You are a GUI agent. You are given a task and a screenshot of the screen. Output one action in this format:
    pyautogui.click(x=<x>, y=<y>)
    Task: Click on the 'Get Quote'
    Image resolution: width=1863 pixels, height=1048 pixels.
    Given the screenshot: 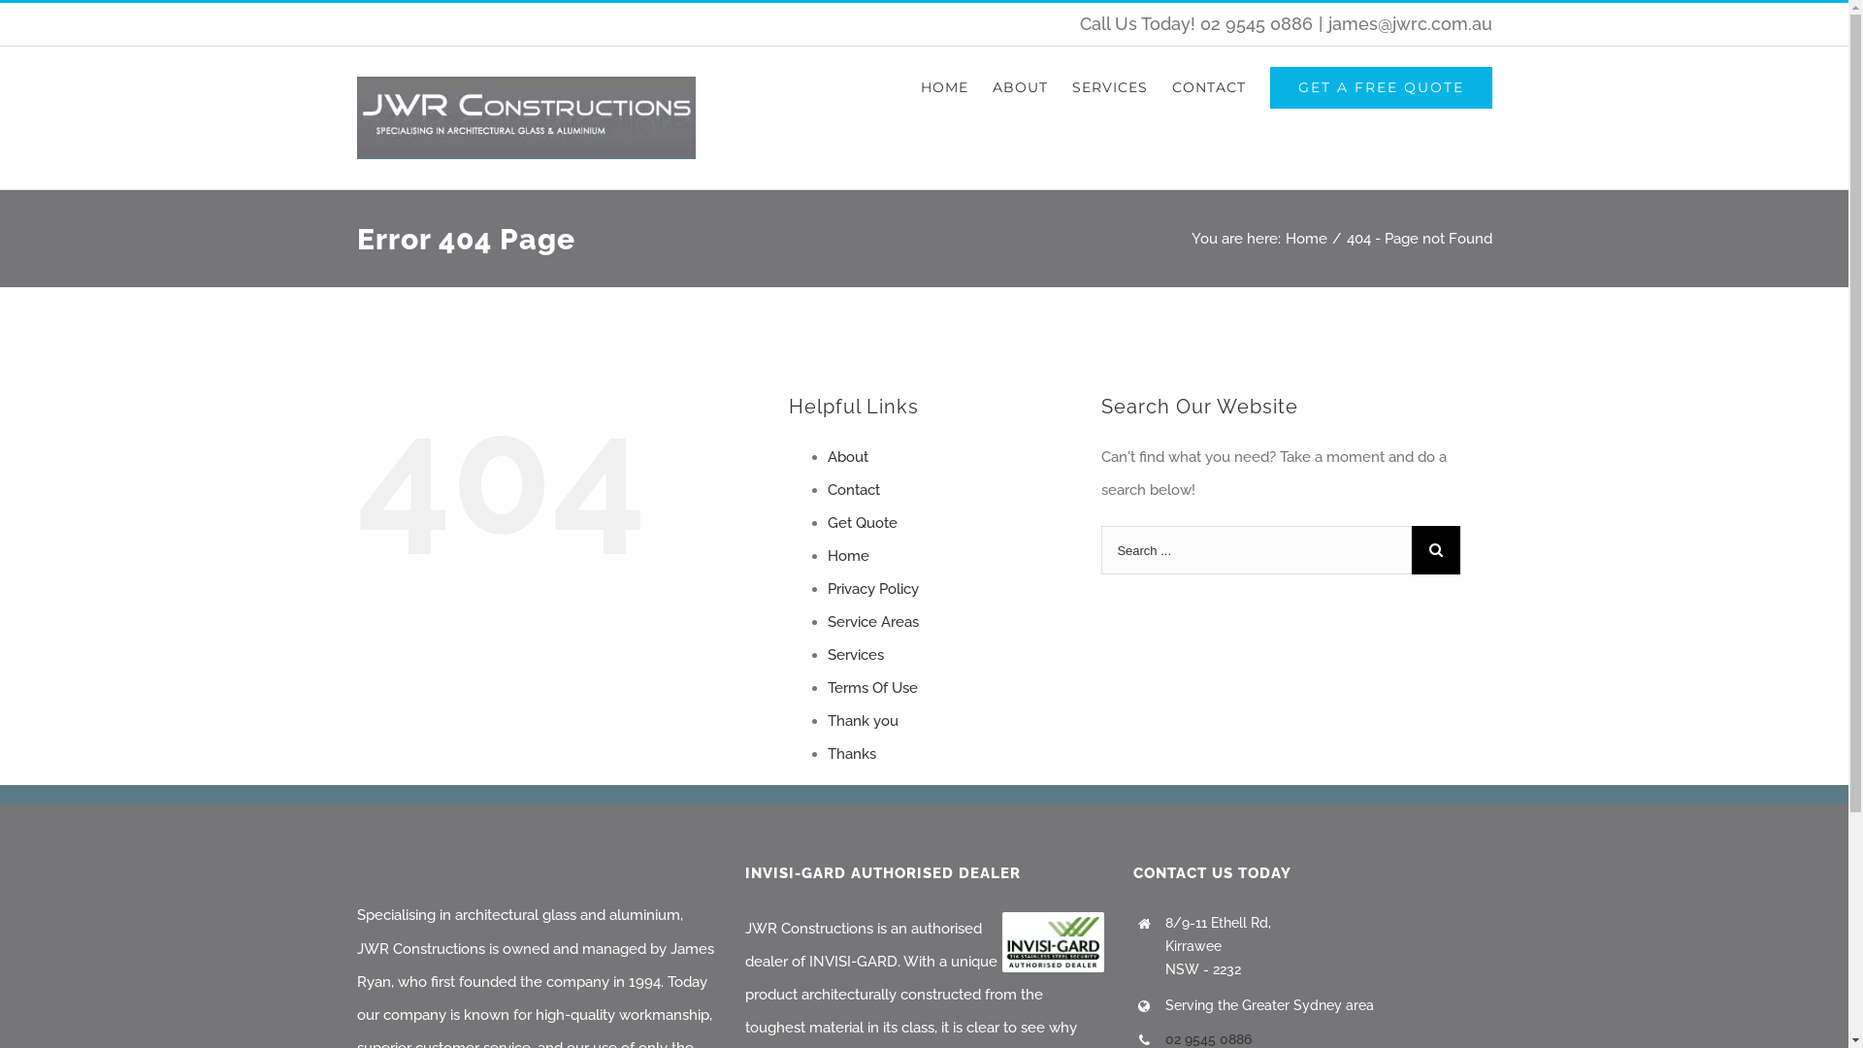 What is the action you would take?
    pyautogui.click(x=861, y=522)
    